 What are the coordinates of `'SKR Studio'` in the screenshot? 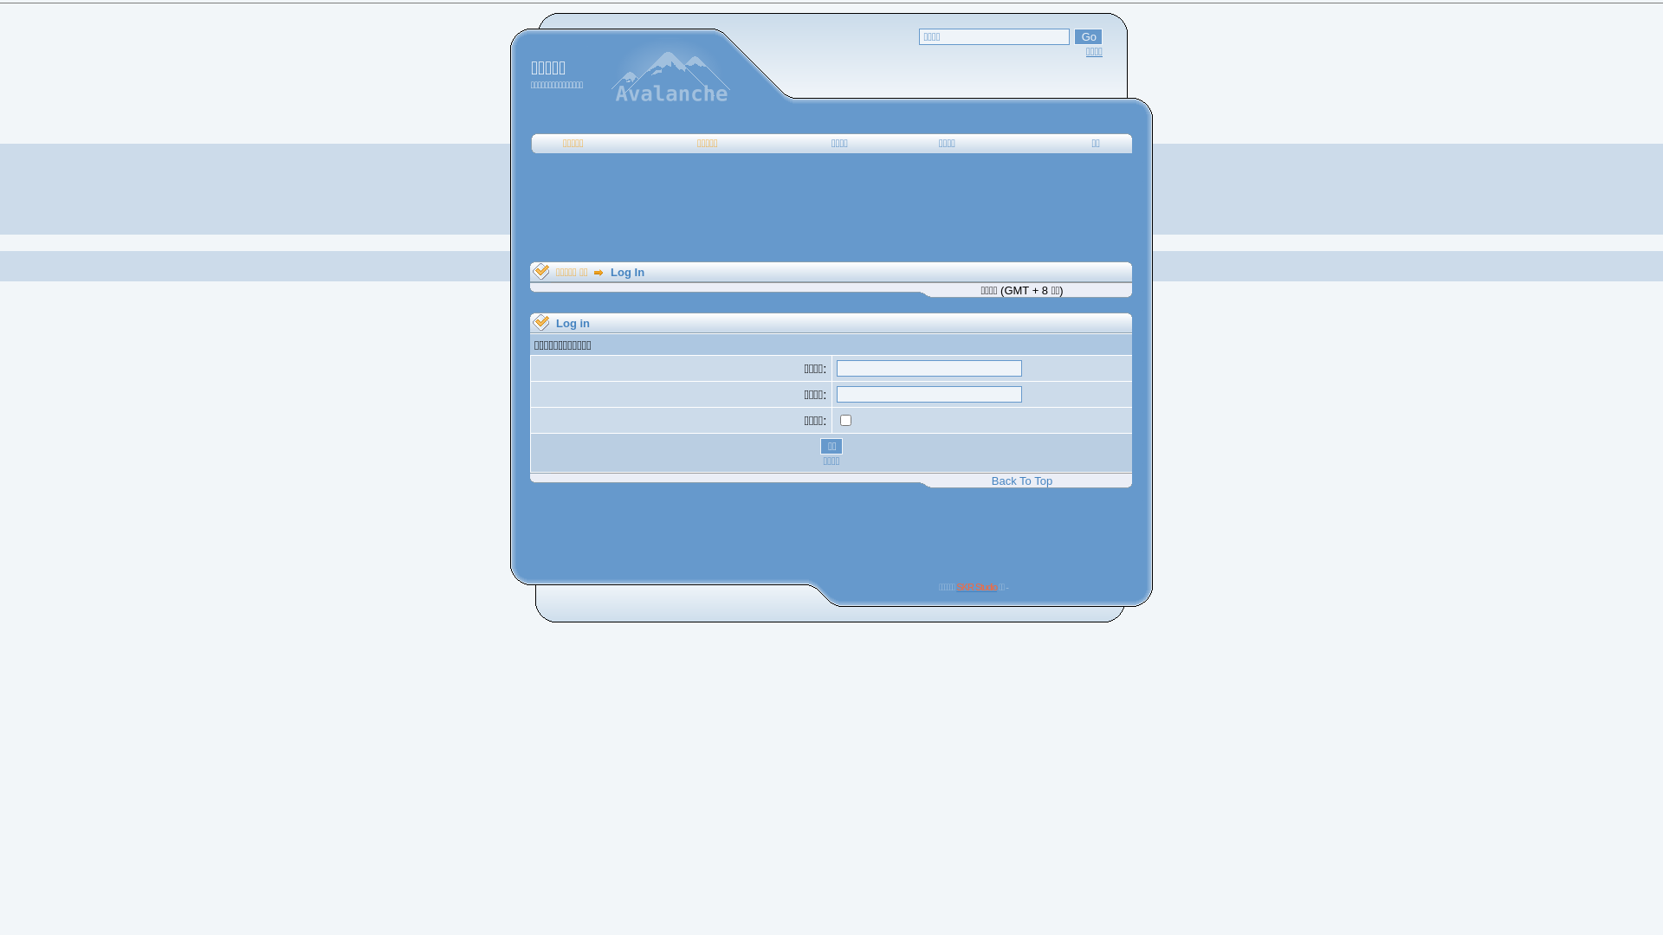 It's located at (976, 586).